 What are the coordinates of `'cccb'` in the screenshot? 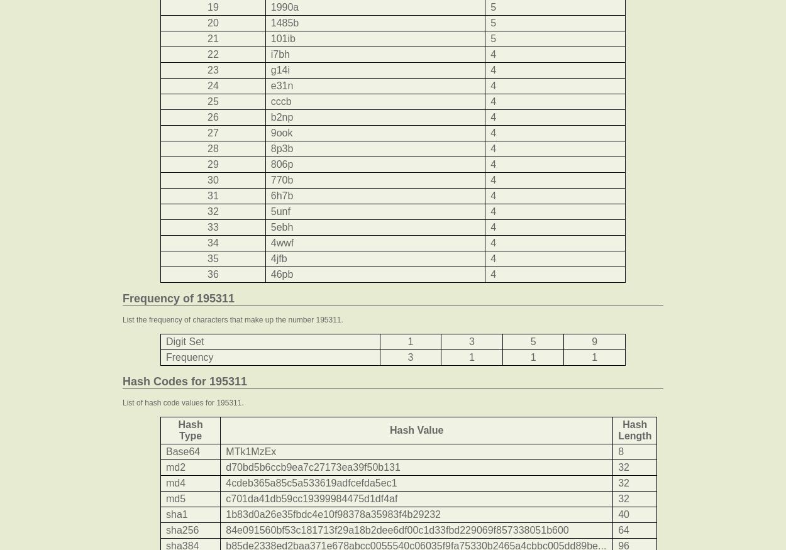 It's located at (280, 101).